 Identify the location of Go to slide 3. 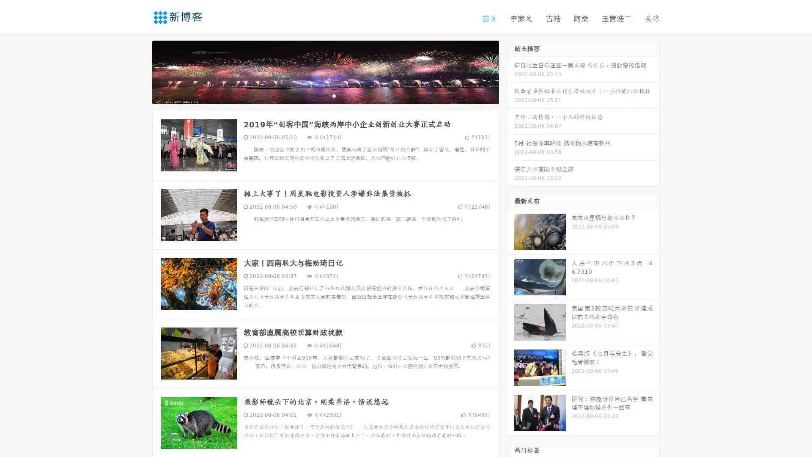
(334, 95).